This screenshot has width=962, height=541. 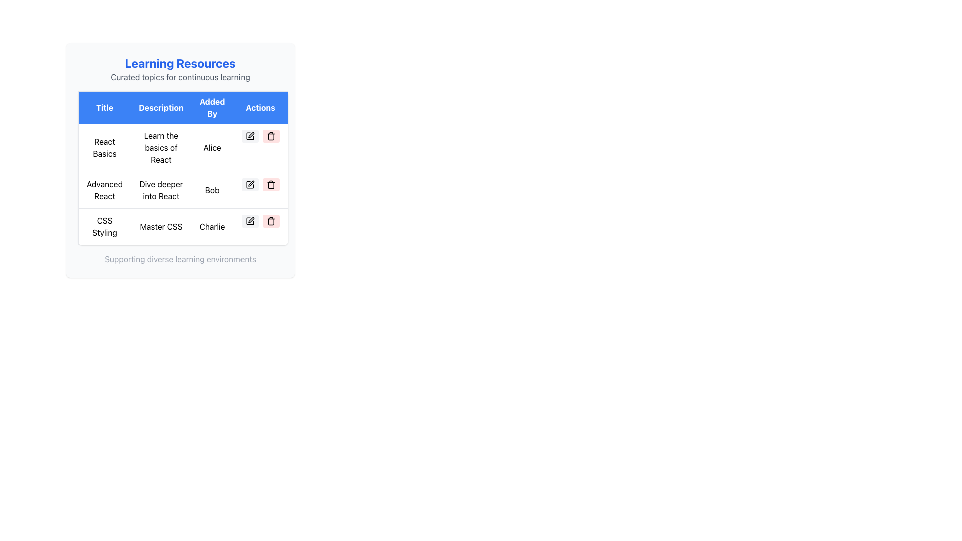 I want to click on text content of the Text Label displaying 'Charlie' located in the third row under the 'Added By' column of the table structure, so click(x=212, y=226).